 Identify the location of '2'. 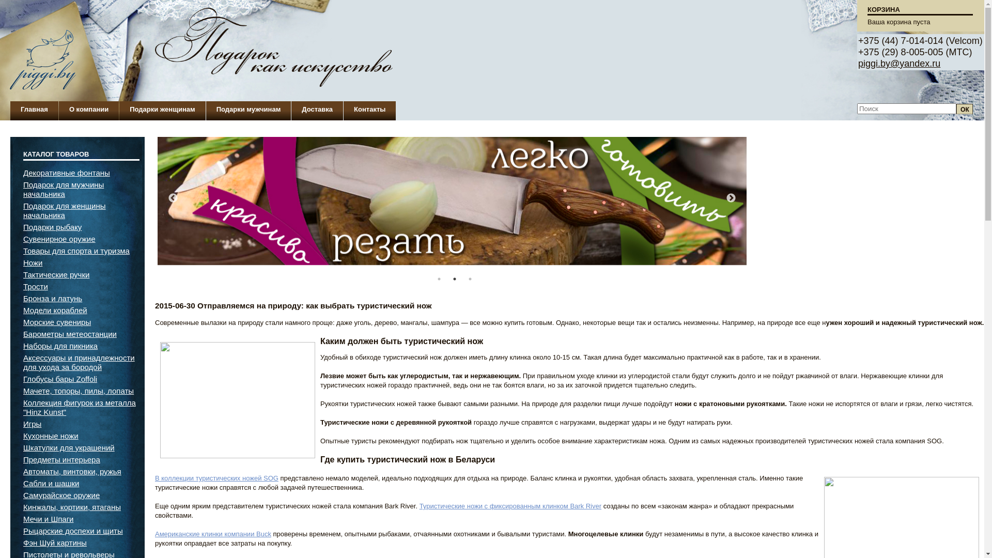
(454, 279).